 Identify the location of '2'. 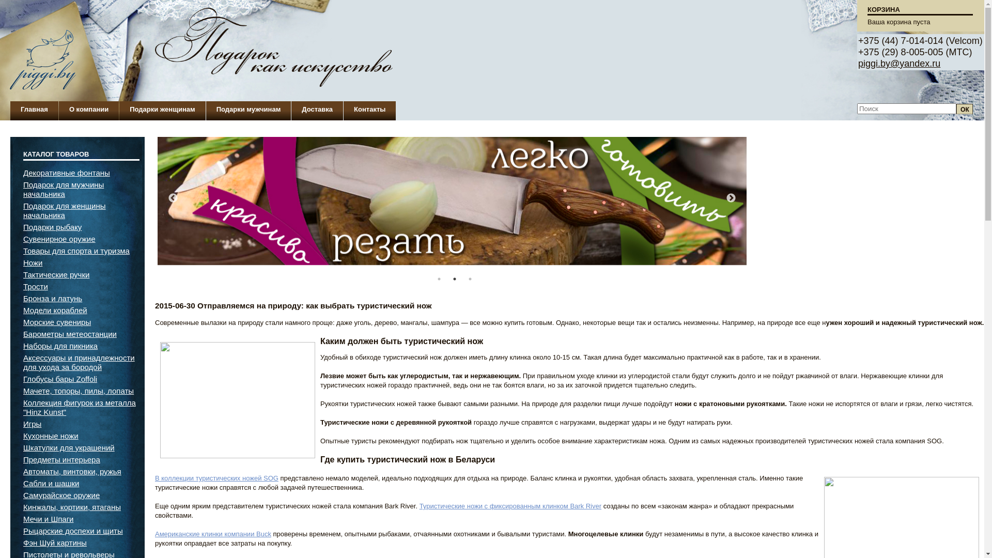
(454, 279).